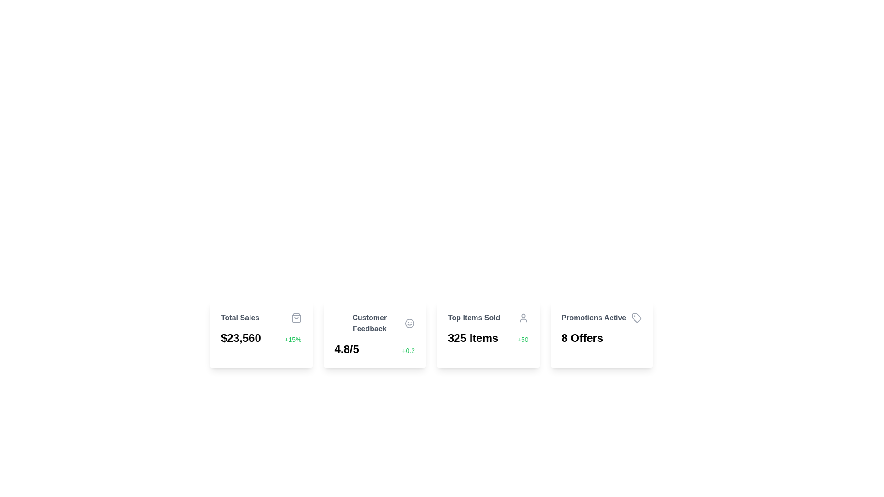 This screenshot has height=497, width=884. What do you see at coordinates (636, 317) in the screenshot?
I see `the icon representing the 'Promotions Active' section, which is located to the left of the active promotions text in the summary cards` at bounding box center [636, 317].